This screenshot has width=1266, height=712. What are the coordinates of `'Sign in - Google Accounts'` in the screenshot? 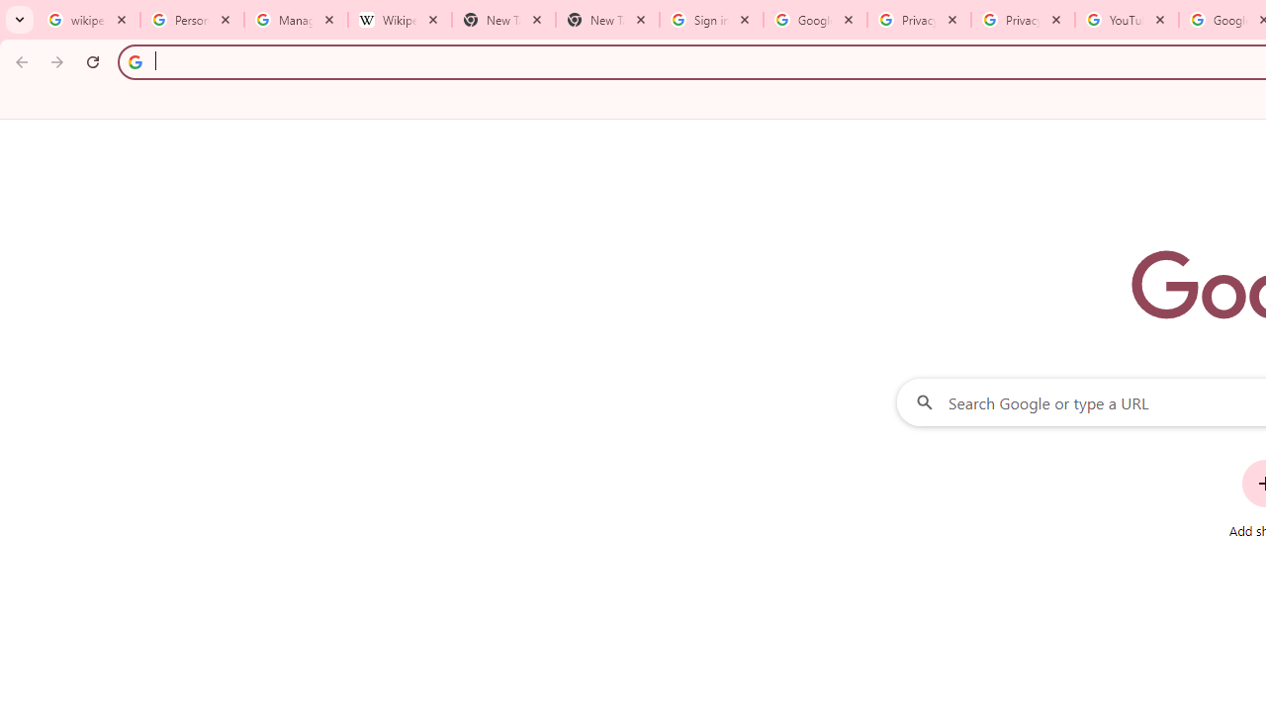 It's located at (711, 20).